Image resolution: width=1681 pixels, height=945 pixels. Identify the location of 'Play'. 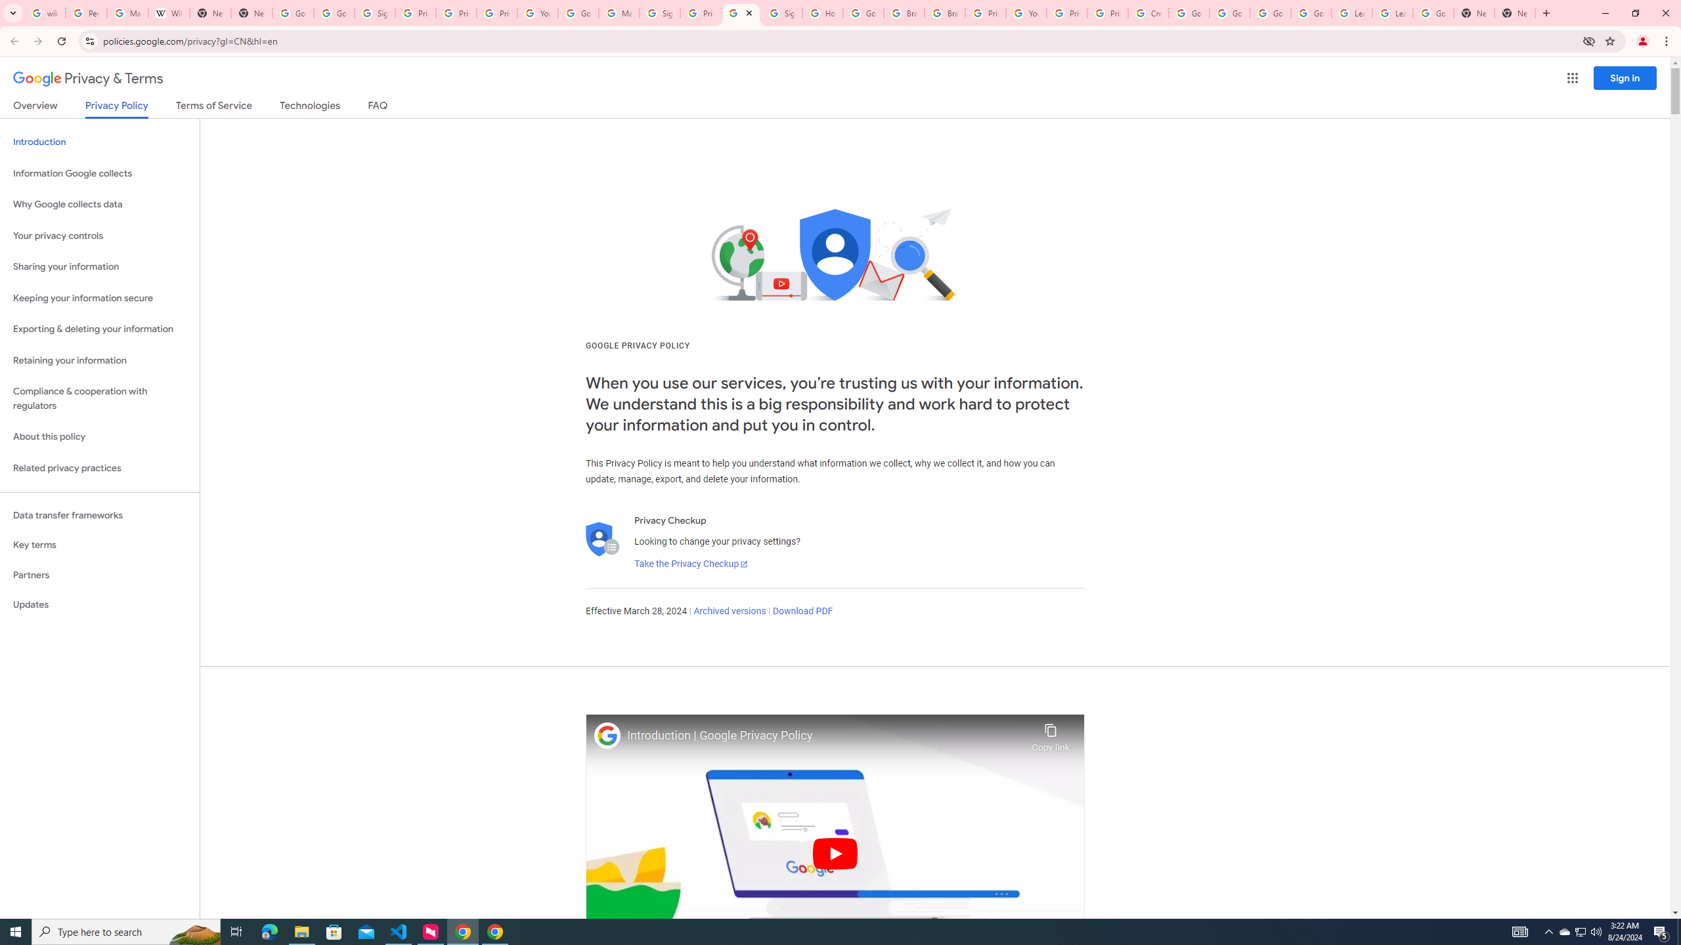
(835, 852).